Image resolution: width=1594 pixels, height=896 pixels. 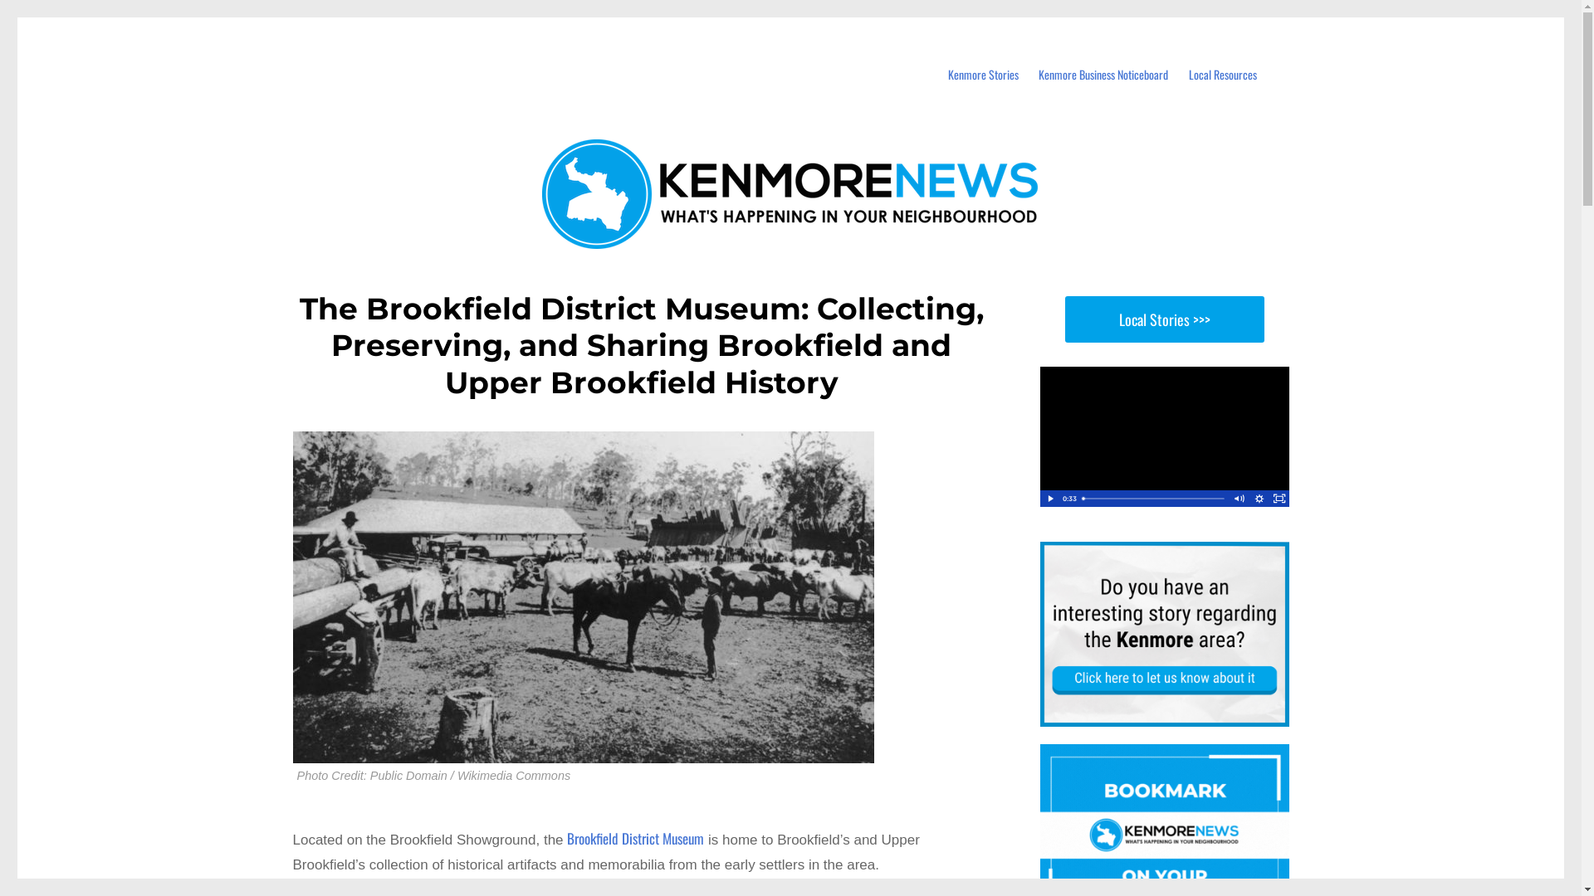 I want to click on 'Kenmore News', so click(x=388, y=48).